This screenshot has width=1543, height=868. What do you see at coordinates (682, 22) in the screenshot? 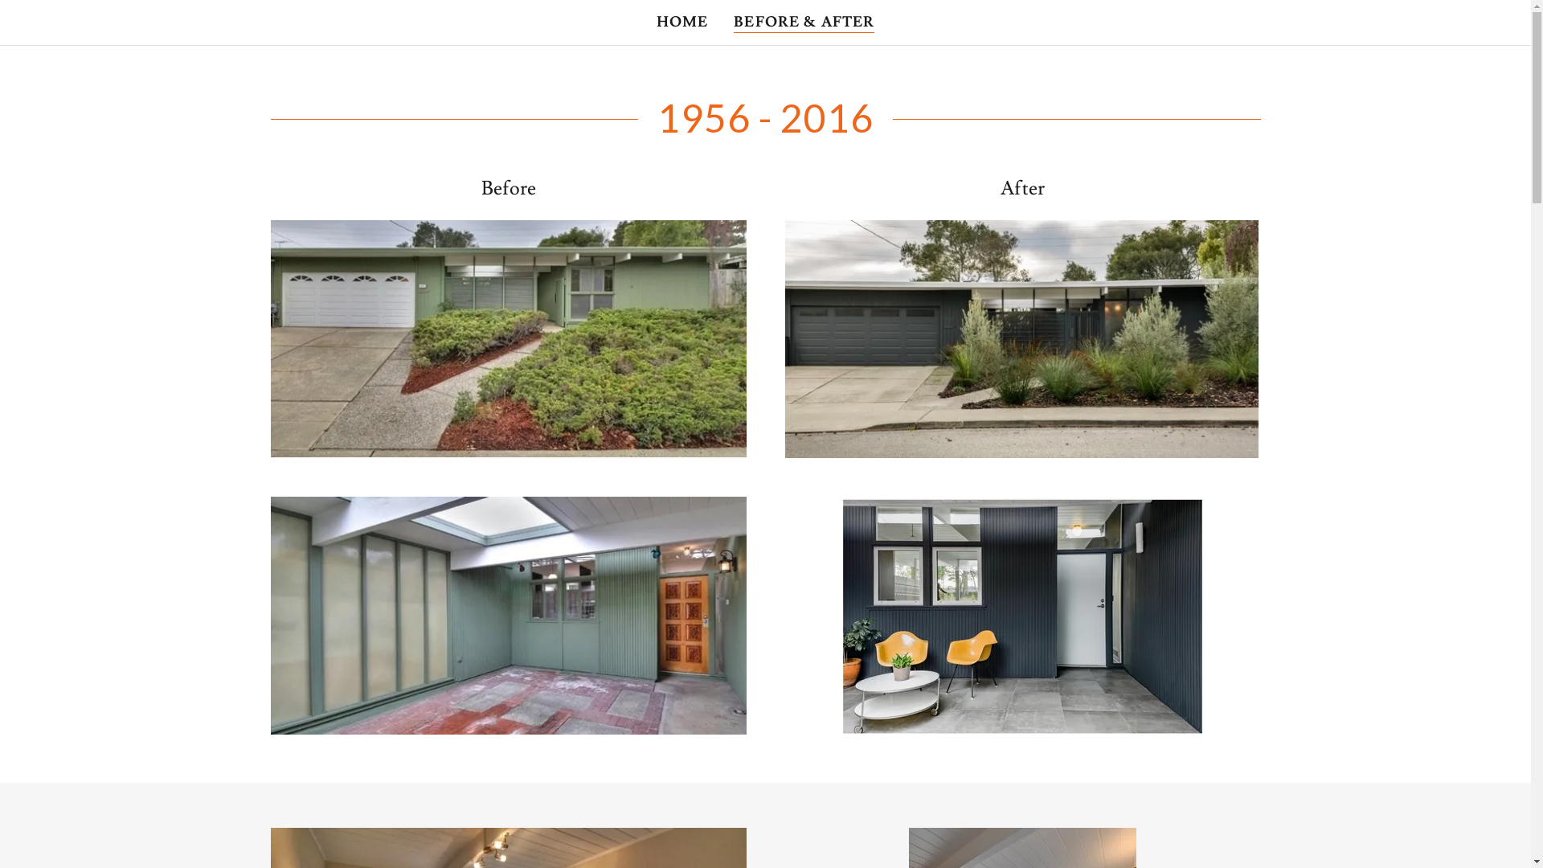
I see `'HOME'` at bounding box center [682, 22].